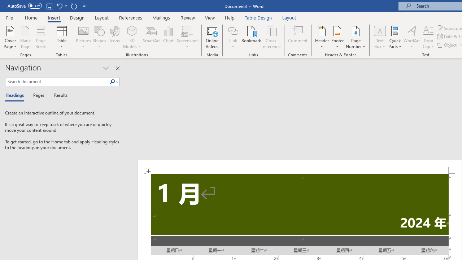 Image resolution: width=462 pixels, height=260 pixels. What do you see at coordinates (61, 6) in the screenshot?
I see `'Undo Increase Indent'` at bounding box center [61, 6].